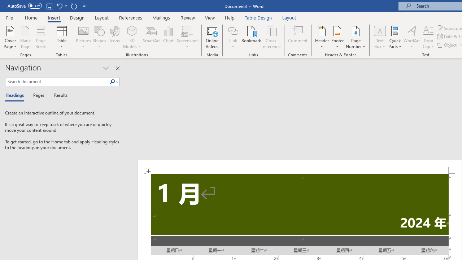 Image resolution: width=462 pixels, height=260 pixels. What do you see at coordinates (61, 6) in the screenshot?
I see `'Undo Increase Indent'` at bounding box center [61, 6].